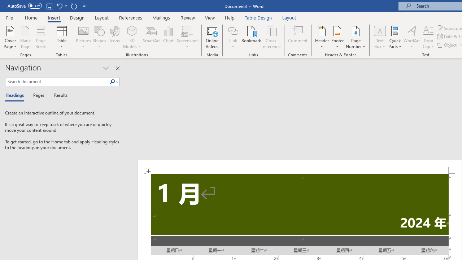 Image resolution: width=462 pixels, height=260 pixels. What do you see at coordinates (61, 6) in the screenshot?
I see `'Undo Increase Indent'` at bounding box center [61, 6].